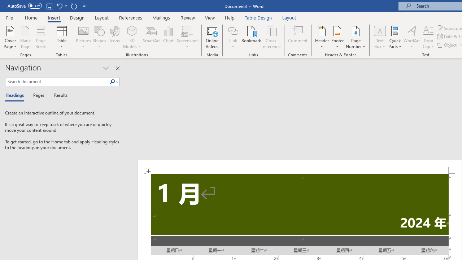 Image resolution: width=462 pixels, height=260 pixels. What do you see at coordinates (61, 6) in the screenshot?
I see `'Undo Increase Indent'` at bounding box center [61, 6].